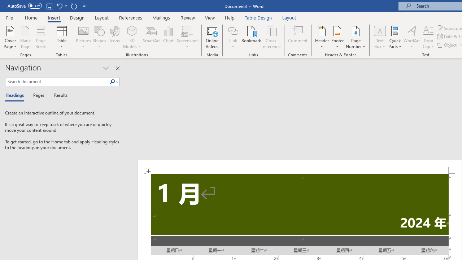 Image resolution: width=462 pixels, height=260 pixels. What do you see at coordinates (61, 6) in the screenshot?
I see `'Undo Increase Indent'` at bounding box center [61, 6].